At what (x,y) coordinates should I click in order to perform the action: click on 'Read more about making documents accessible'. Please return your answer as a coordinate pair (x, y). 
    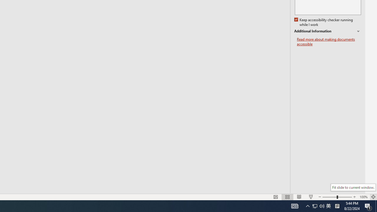
    Looking at the image, I should click on (329, 42).